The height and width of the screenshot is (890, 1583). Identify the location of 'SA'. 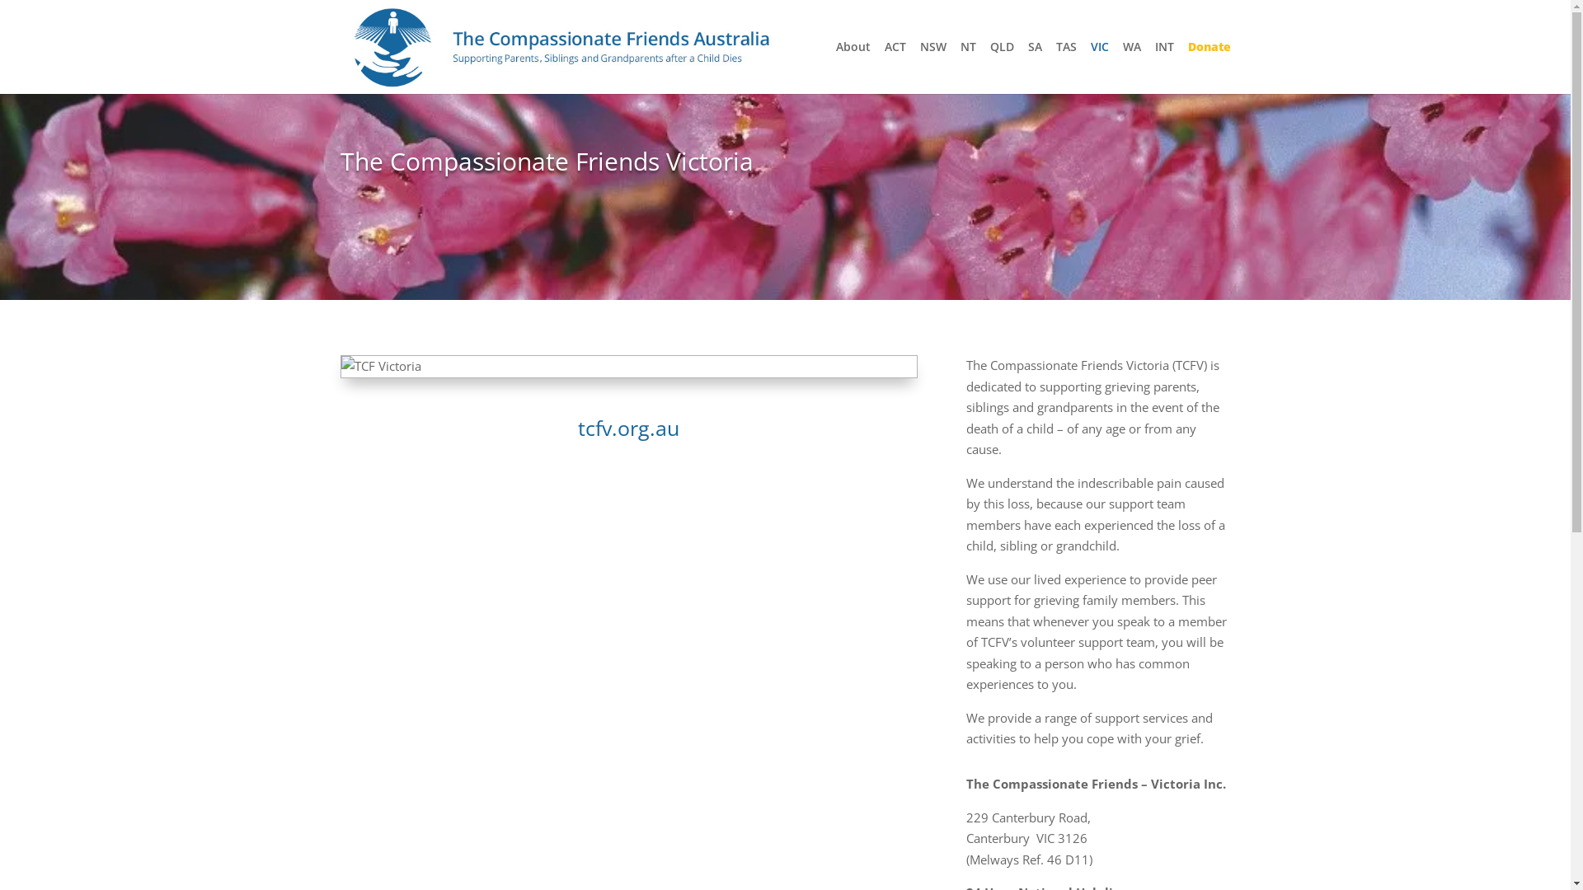
(1026, 66).